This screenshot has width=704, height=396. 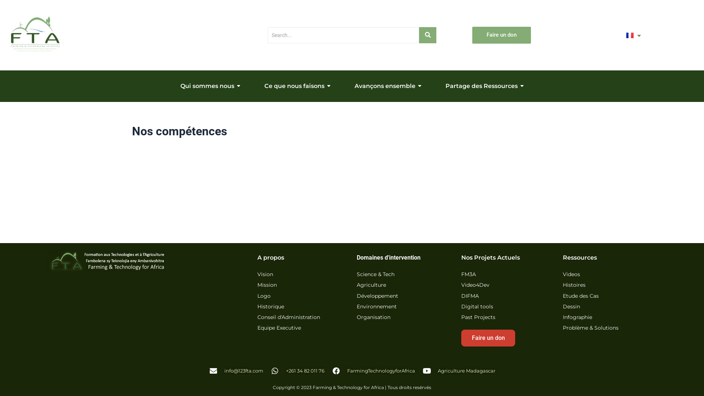 What do you see at coordinates (458, 371) in the screenshot?
I see `'Agriculture Madagascar'` at bounding box center [458, 371].